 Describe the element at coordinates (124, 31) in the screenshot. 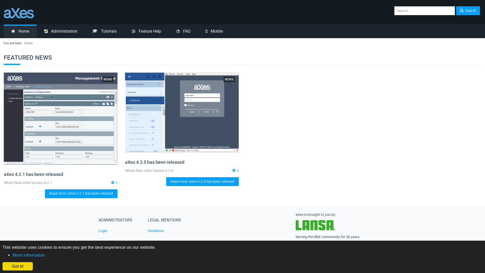

I see `'Feature Help'` at that location.